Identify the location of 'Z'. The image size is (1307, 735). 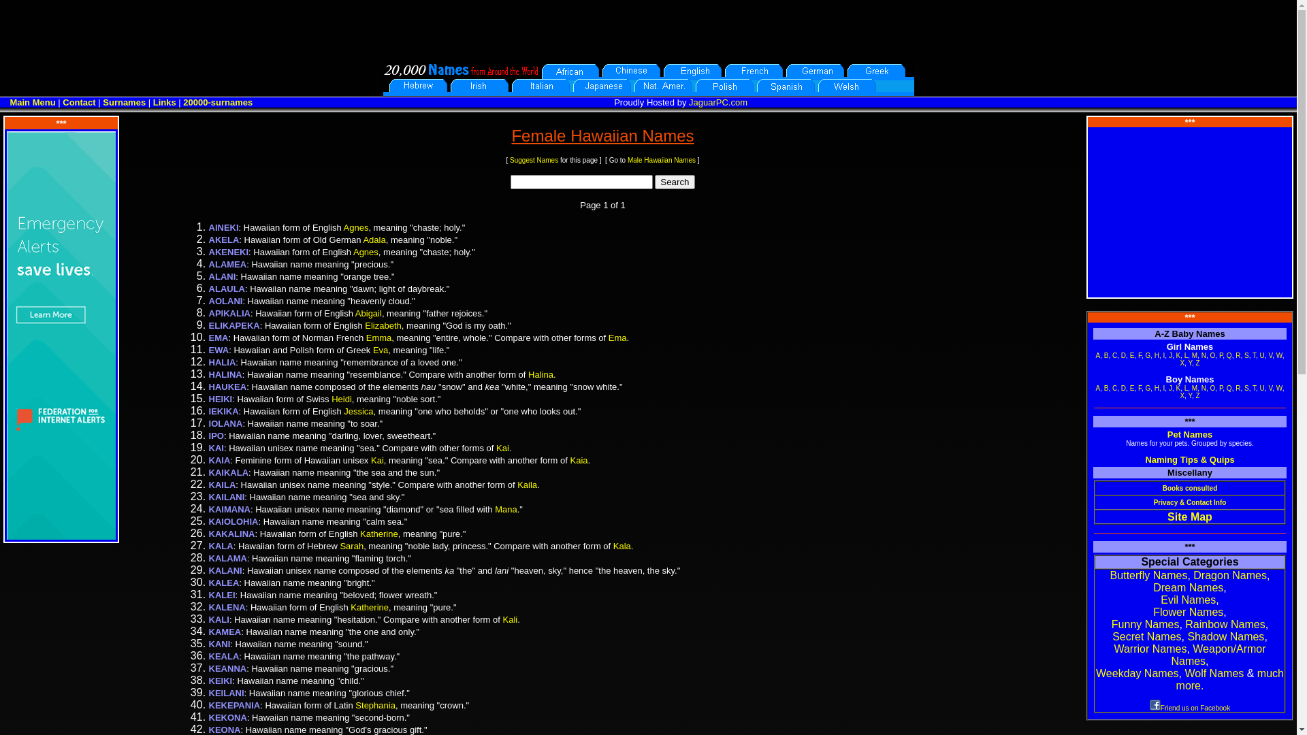
(1196, 395).